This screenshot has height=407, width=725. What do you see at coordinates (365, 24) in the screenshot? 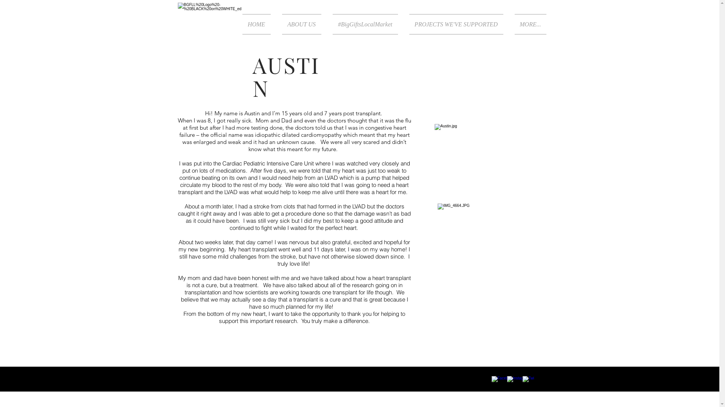
I see `'#BigGiftsLocalMarket'` at bounding box center [365, 24].